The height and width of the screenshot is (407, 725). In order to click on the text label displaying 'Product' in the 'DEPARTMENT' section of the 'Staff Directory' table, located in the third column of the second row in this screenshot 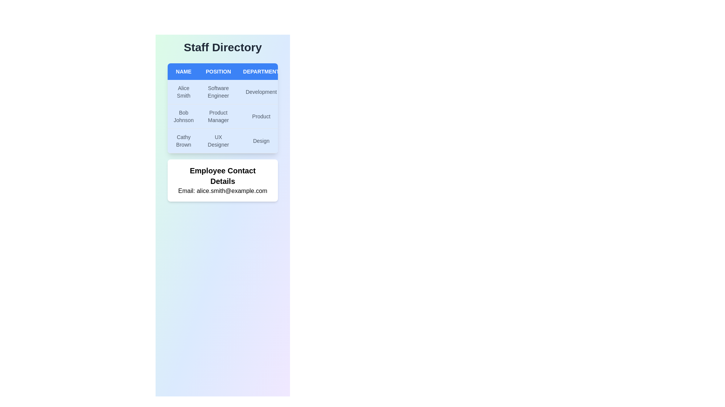, I will do `click(261, 116)`.